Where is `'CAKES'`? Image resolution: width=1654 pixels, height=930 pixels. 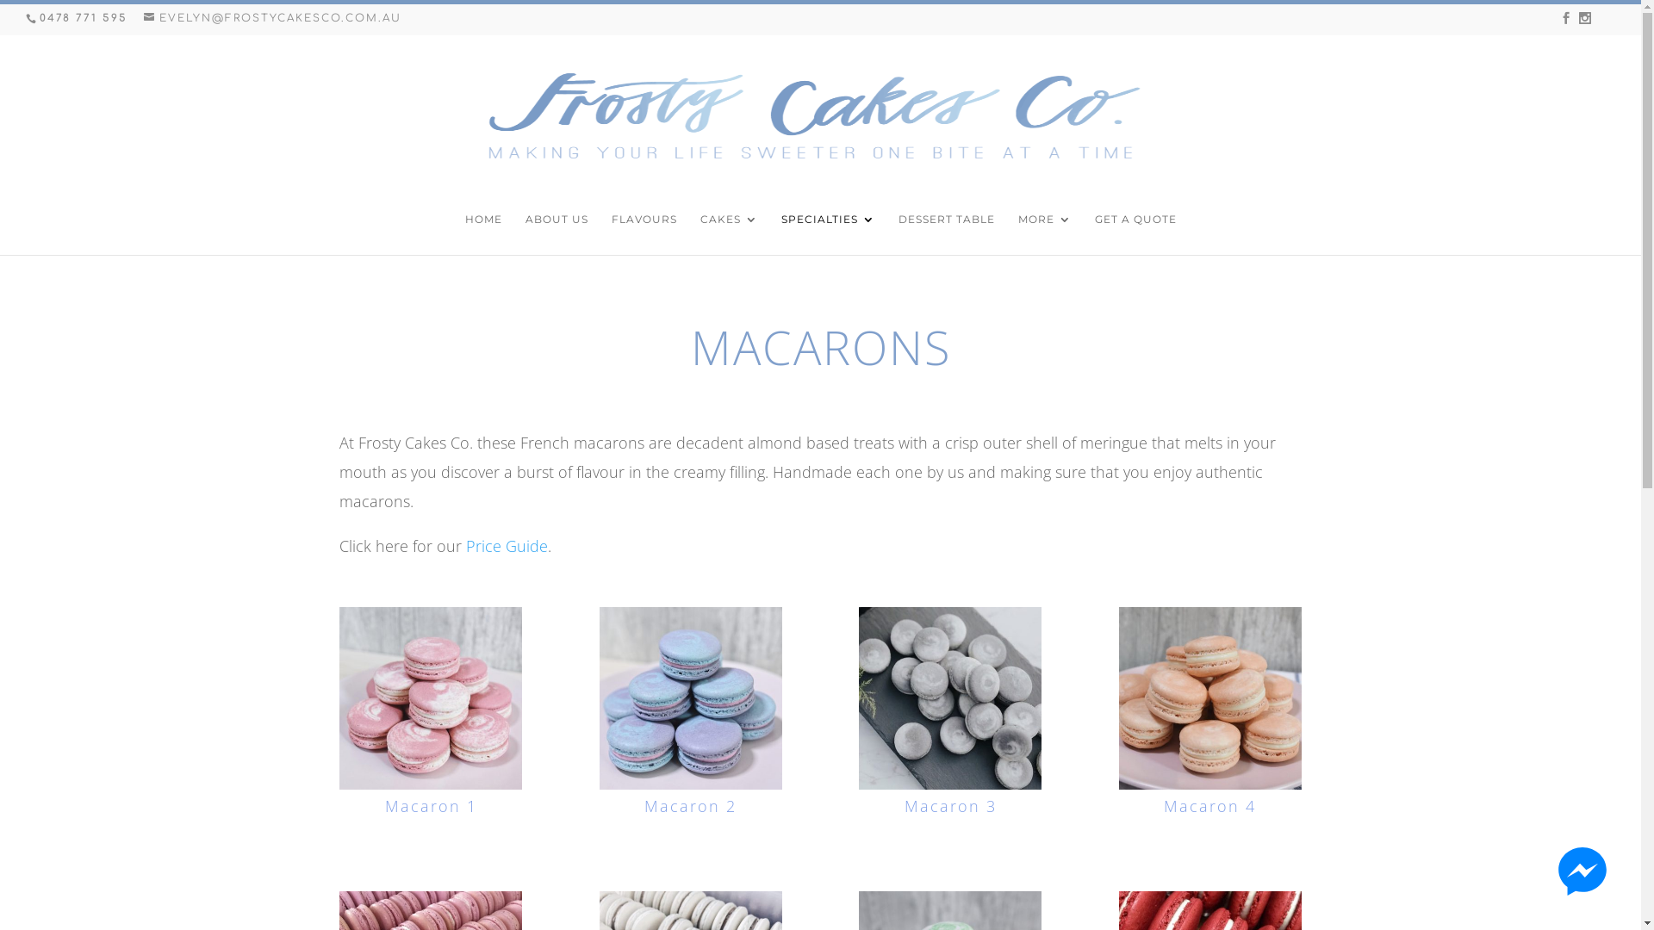
'CAKES' is located at coordinates (728, 234).